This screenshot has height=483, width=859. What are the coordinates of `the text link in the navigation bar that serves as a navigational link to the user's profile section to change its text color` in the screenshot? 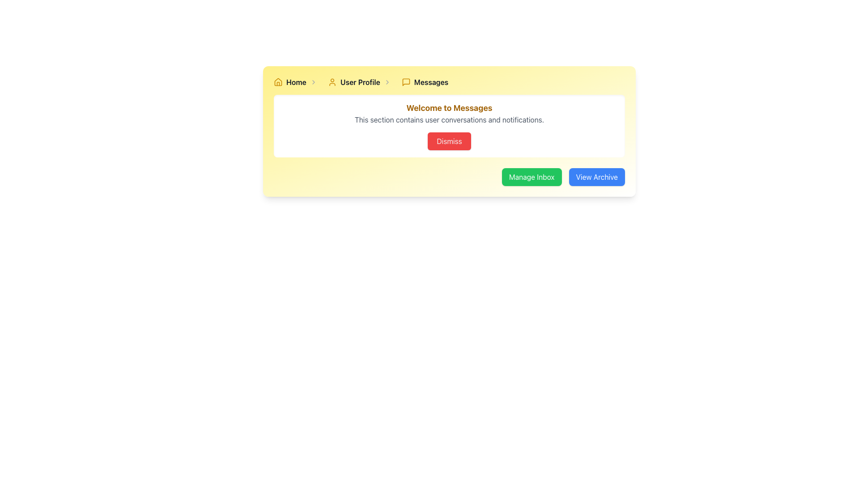 It's located at (360, 82).